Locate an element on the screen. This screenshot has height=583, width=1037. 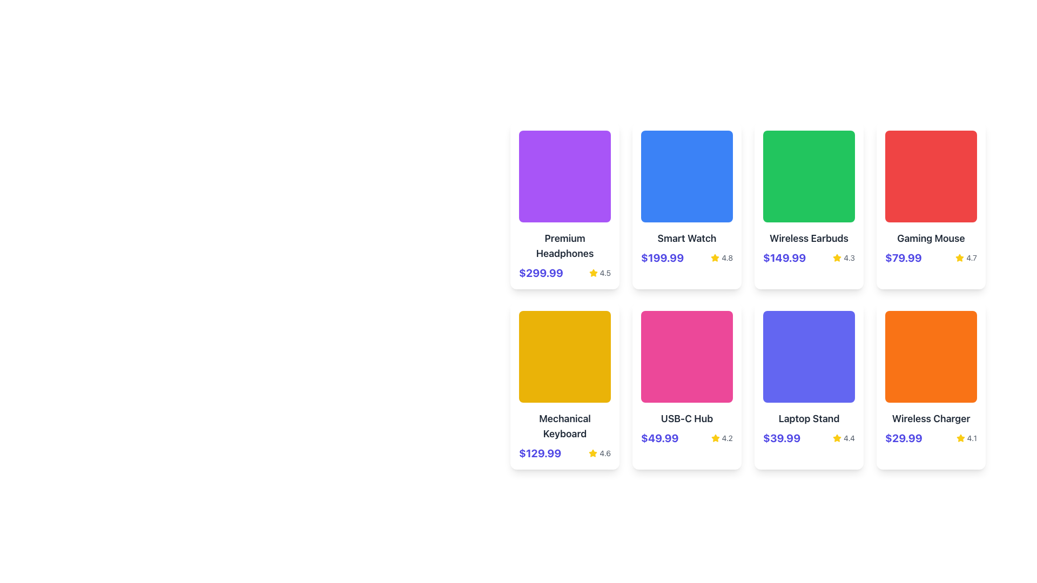
the static text displaying user ratings, which is located in the bottom-right area of the card component next to the star icon is located at coordinates (605, 272).